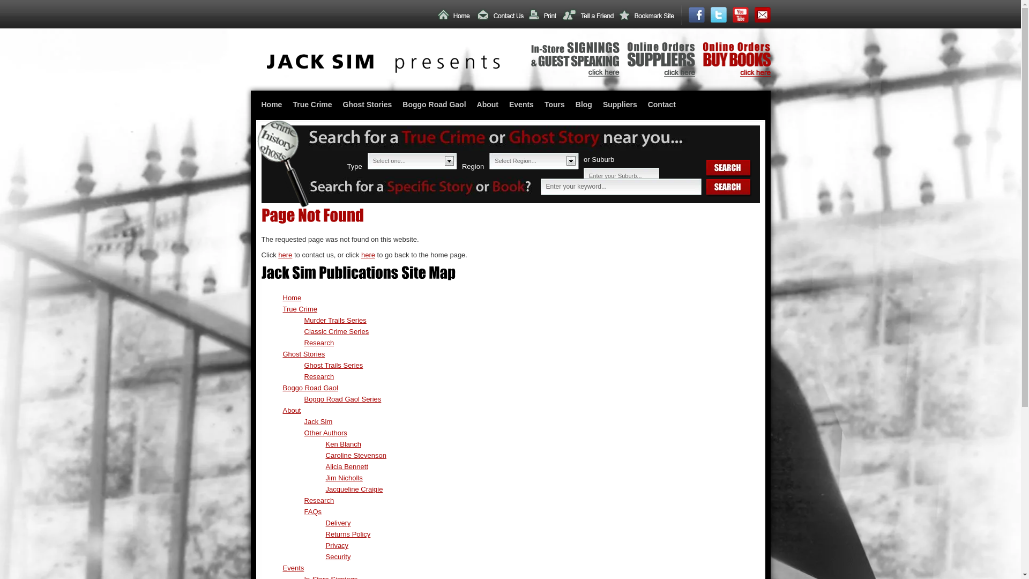  What do you see at coordinates (356, 455) in the screenshot?
I see `'Caroline Stevenson'` at bounding box center [356, 455].